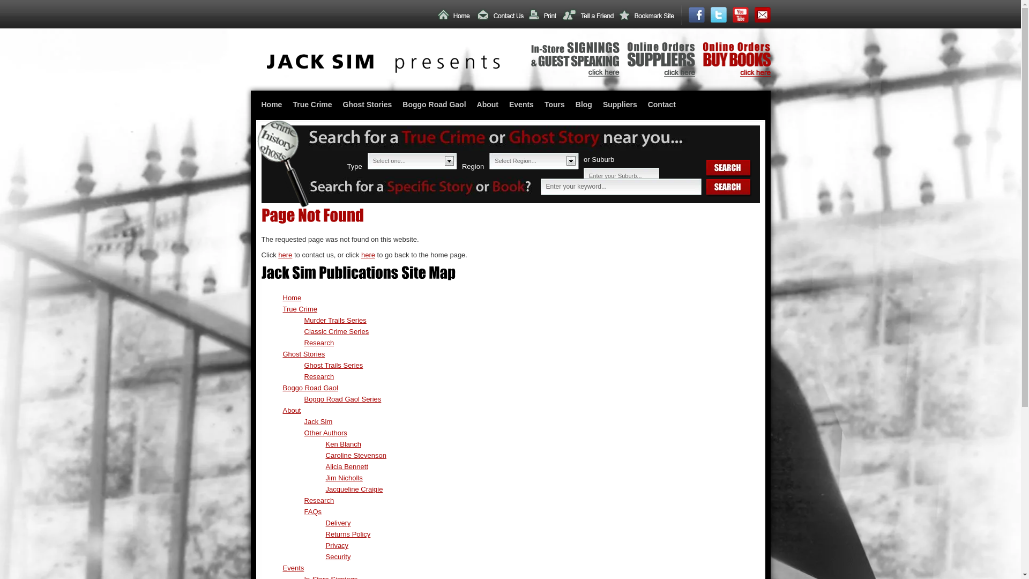  What do you see at coordinates (356, 455) in the screenshot?
I see `'Caroline Stevenson'` at bounding box center [356, 455].